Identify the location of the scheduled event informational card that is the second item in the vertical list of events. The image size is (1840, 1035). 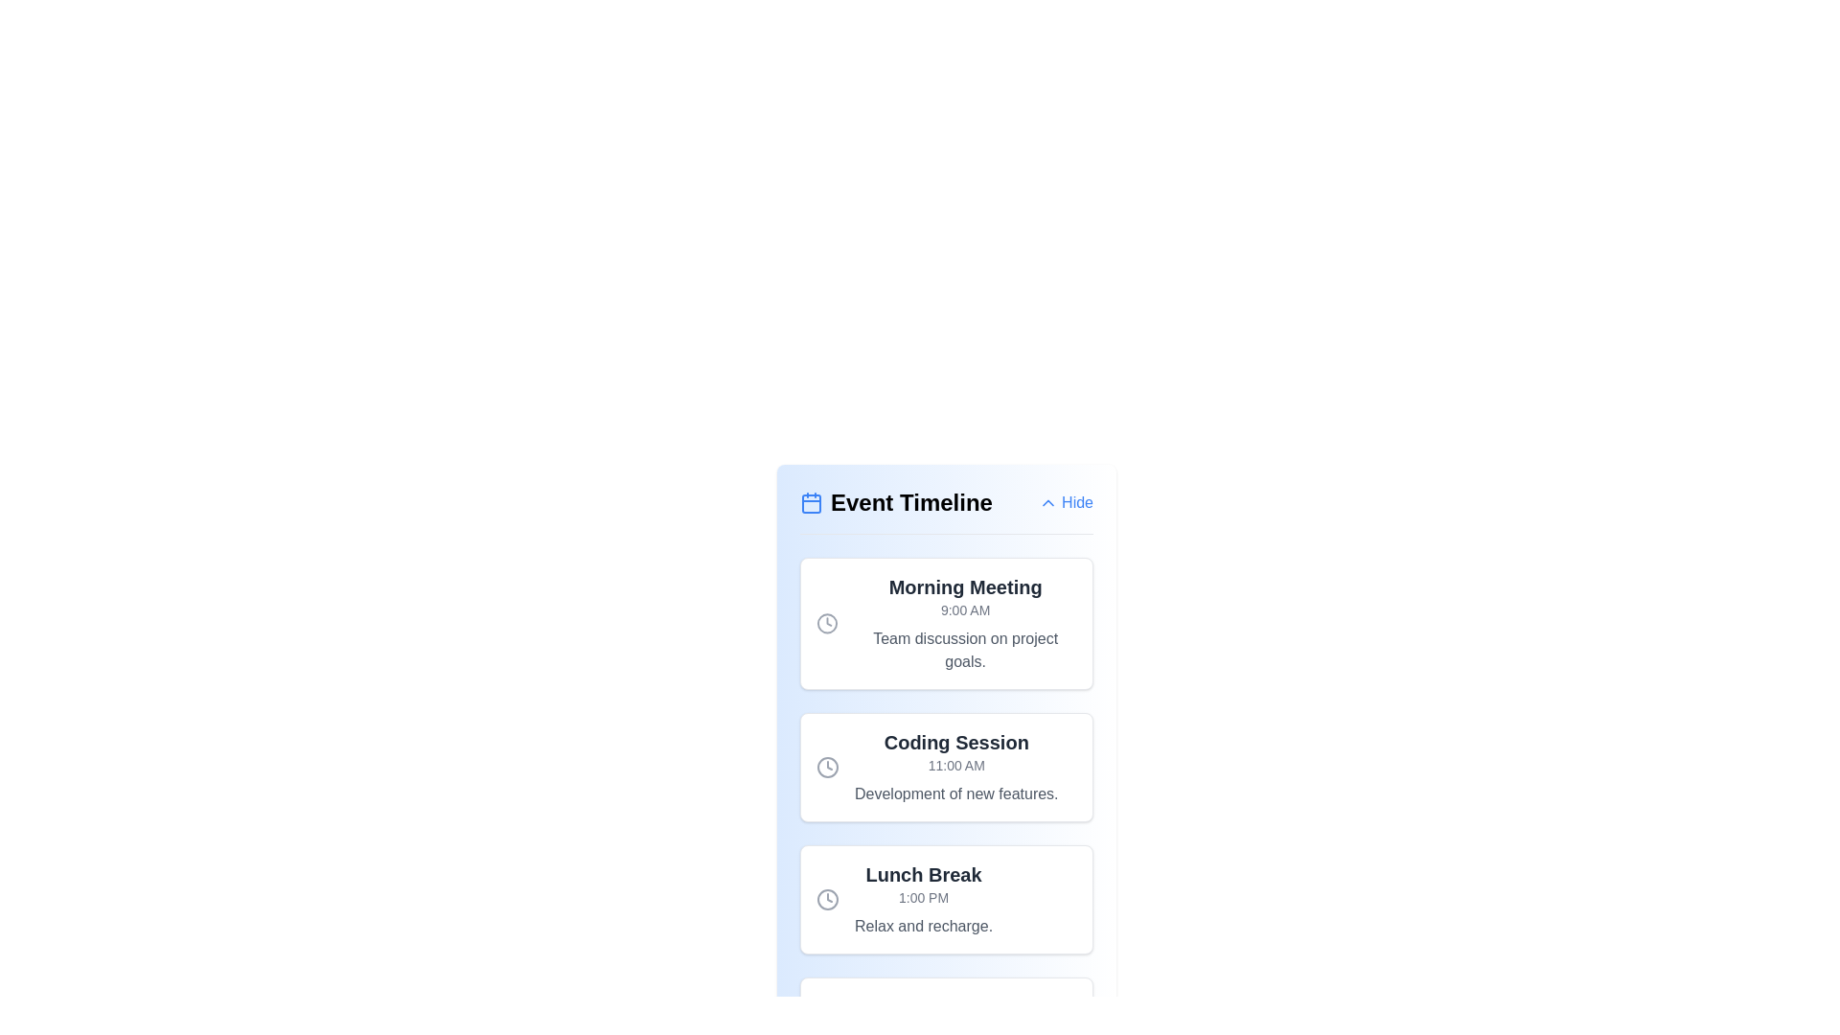
(947, 767).